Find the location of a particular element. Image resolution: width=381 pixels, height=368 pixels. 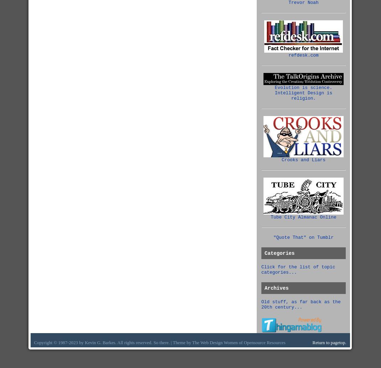

'Evolution is science. Intelligent Design is religion.' is located at coordinates (303, 93).